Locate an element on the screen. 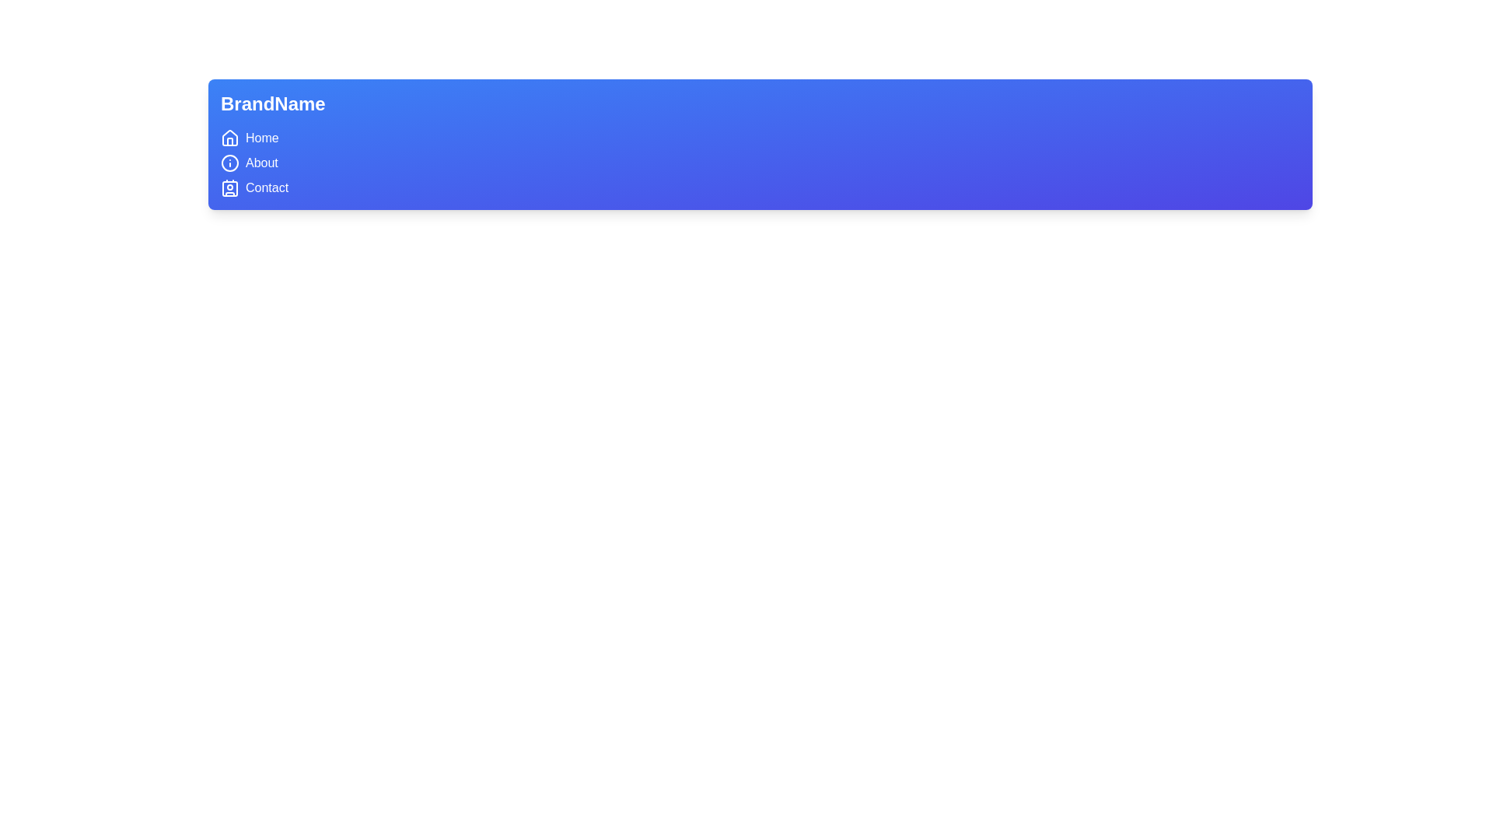 This screenshot has height=840, width=1493. the 'Contact' hyperlink, which is the third item in the vertical navigation menu located in the top left corner of the interface is located at coordinates (267, 187).